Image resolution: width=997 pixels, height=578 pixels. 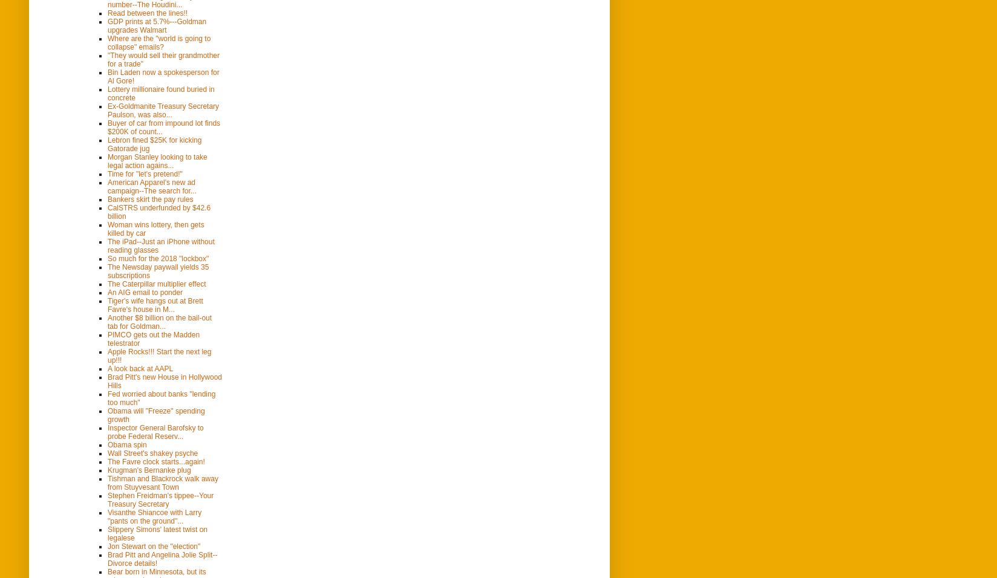 What do you see at coordinates (159, 321) in the screenshot?
I see `'Another $8 billion on the bail-out tab for Goldman...'` at bounding box center [159, 321].